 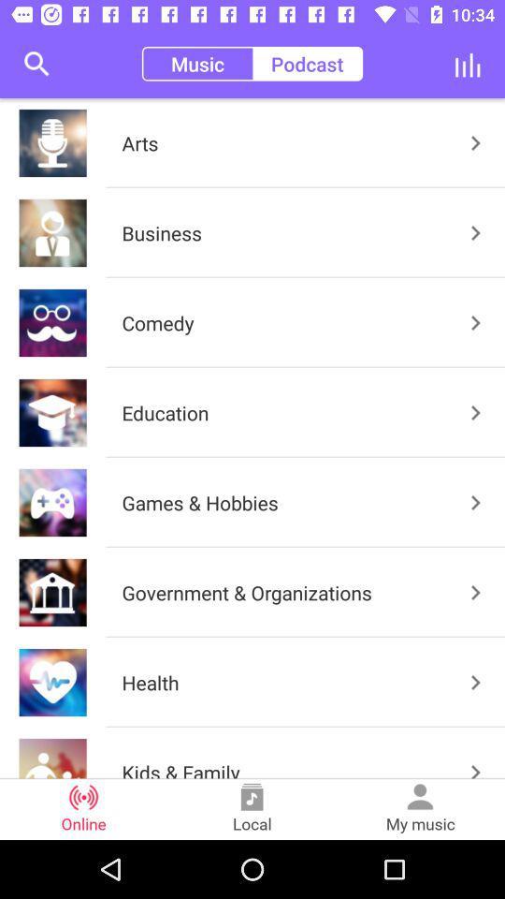 I want to click on the icon next to local, so click(x=420, y=808).